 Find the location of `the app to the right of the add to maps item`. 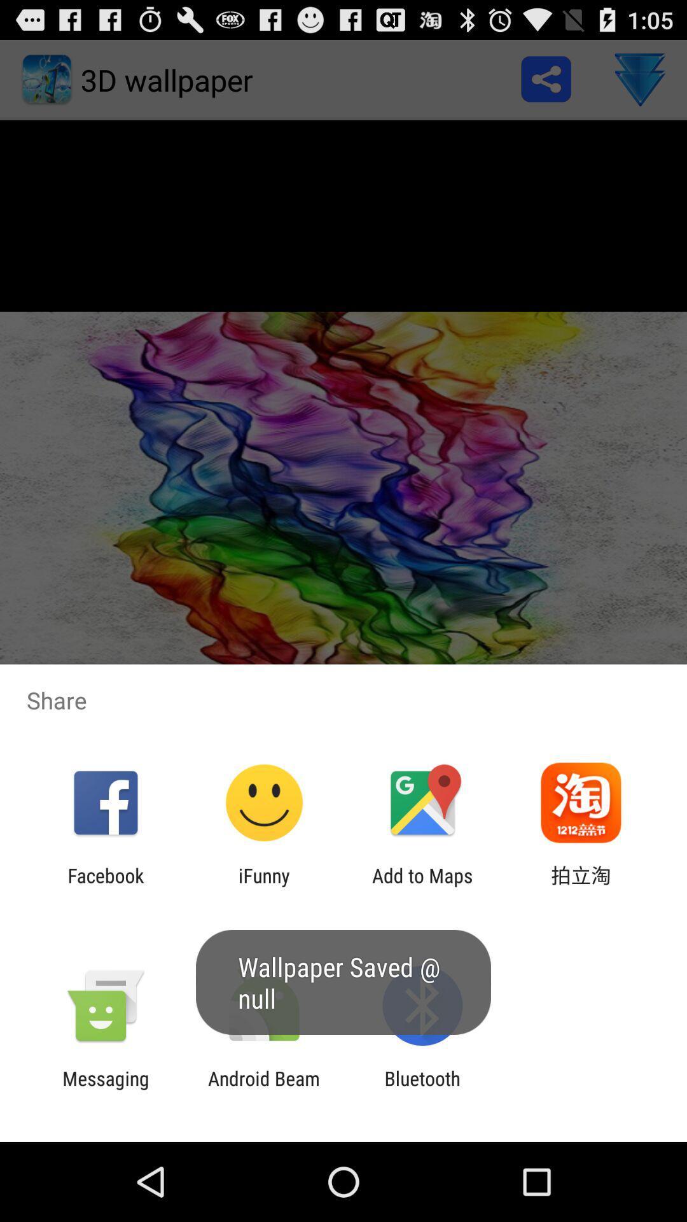

the app to the right of the add to maps item is located at coordinates (581, 886).